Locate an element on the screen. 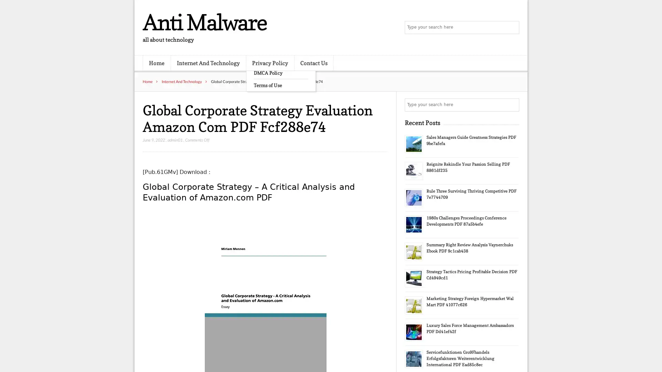 The height and width of the screenshot is (372, 662). Search is located at coordinates (512, 28).